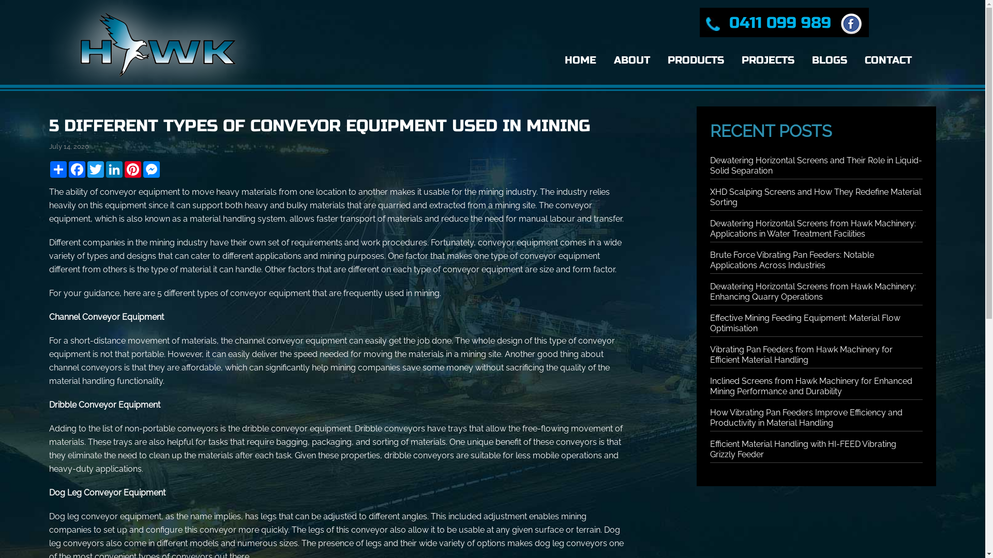  What do you see at coordinates (114, 168) in the screenshot?
I see `'LinkedIn'` at bounding box center [114, 168].